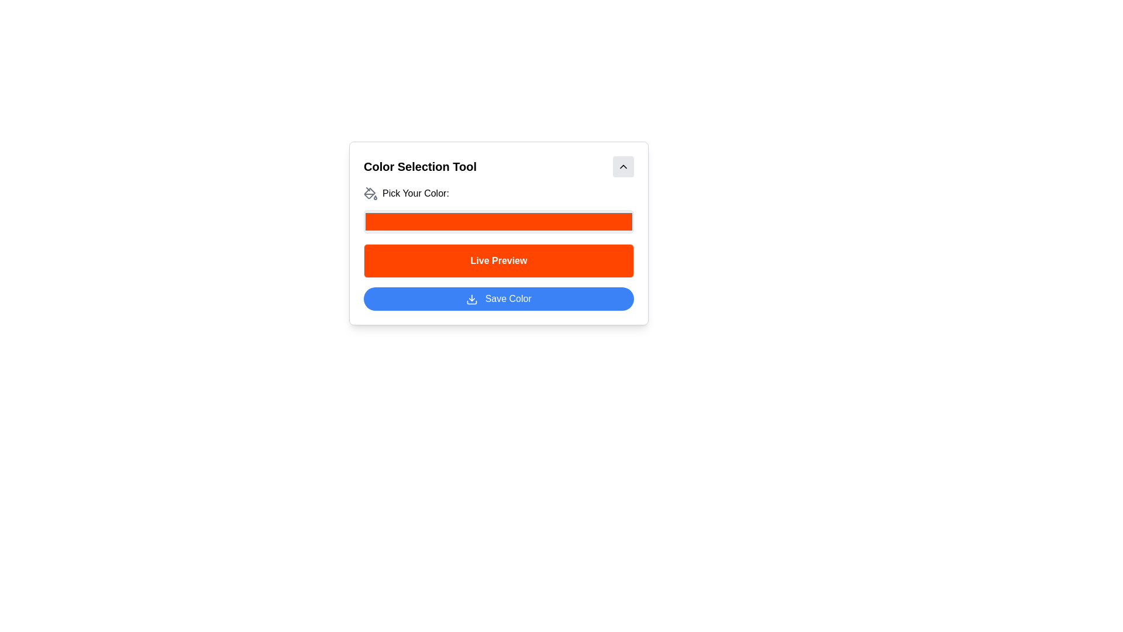 This screenshot has width=1123, height=632. Describe the element at coordinates (499, 298) in the screenshot. I see `the blue 'Save Color' button with rounded edges and white text, located at the bottom of the color selection tool interface` at that location.